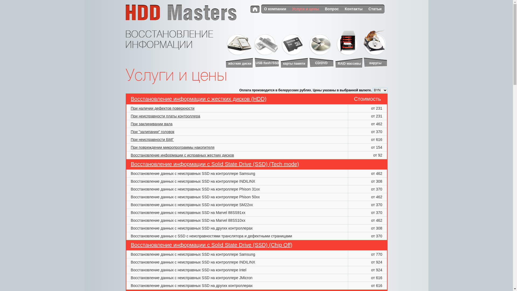 The height and width of the screenshot is (291, 517). I want to click on 'HDD Masters', so click(181, 12).